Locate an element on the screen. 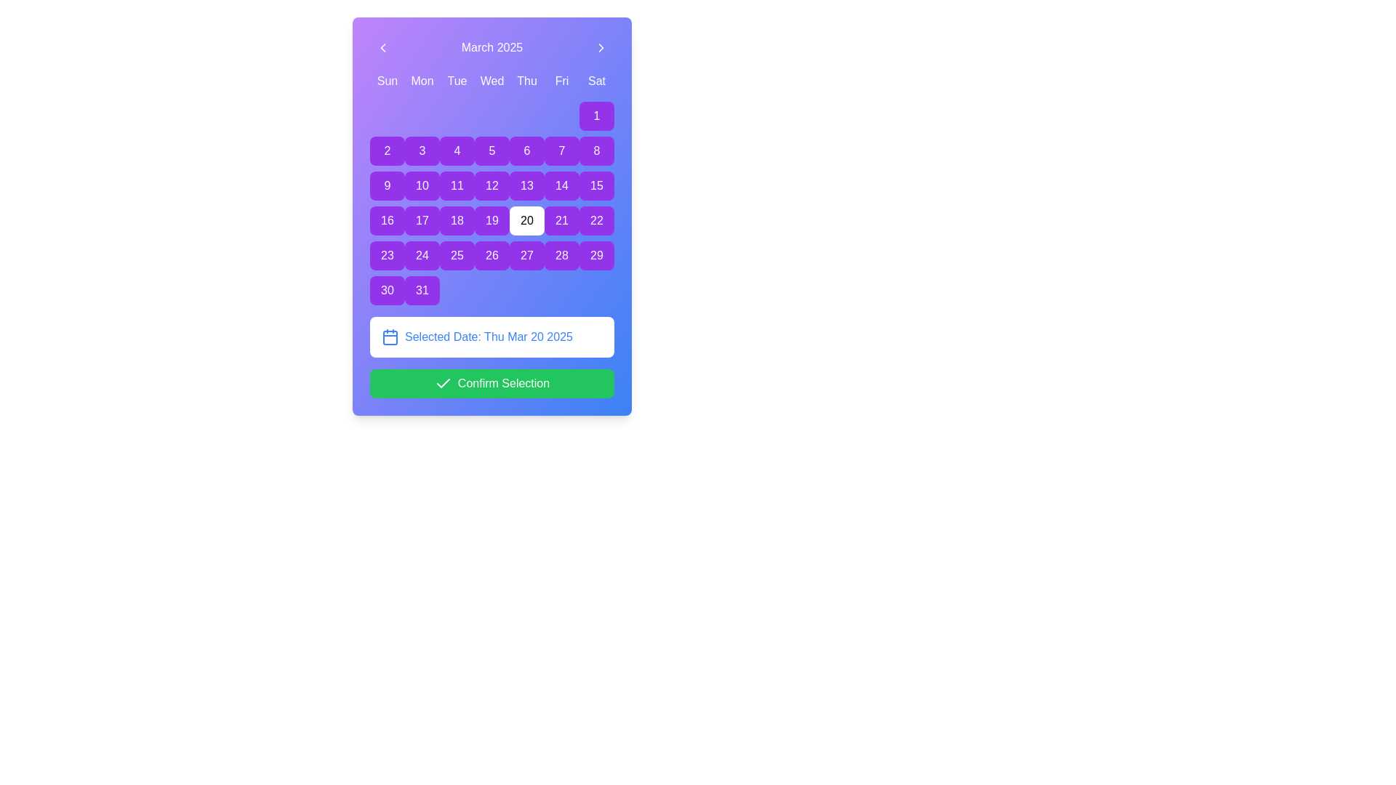  the button labeled '2' in the calendar interface is located at coordinates (387, 151).